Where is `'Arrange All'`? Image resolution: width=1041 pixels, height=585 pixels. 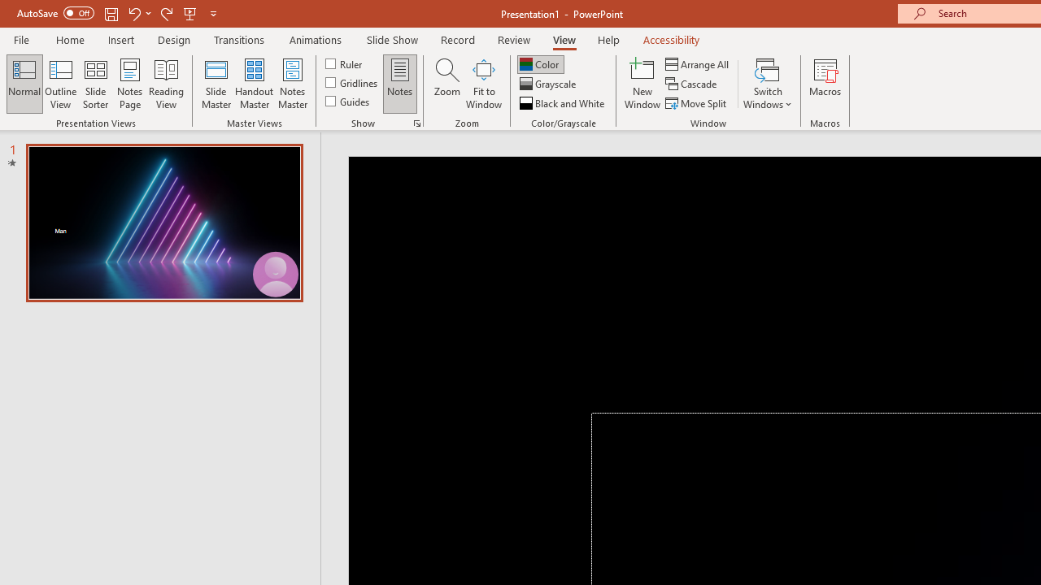 'Arrange All' is located at coordinates (698, 63).